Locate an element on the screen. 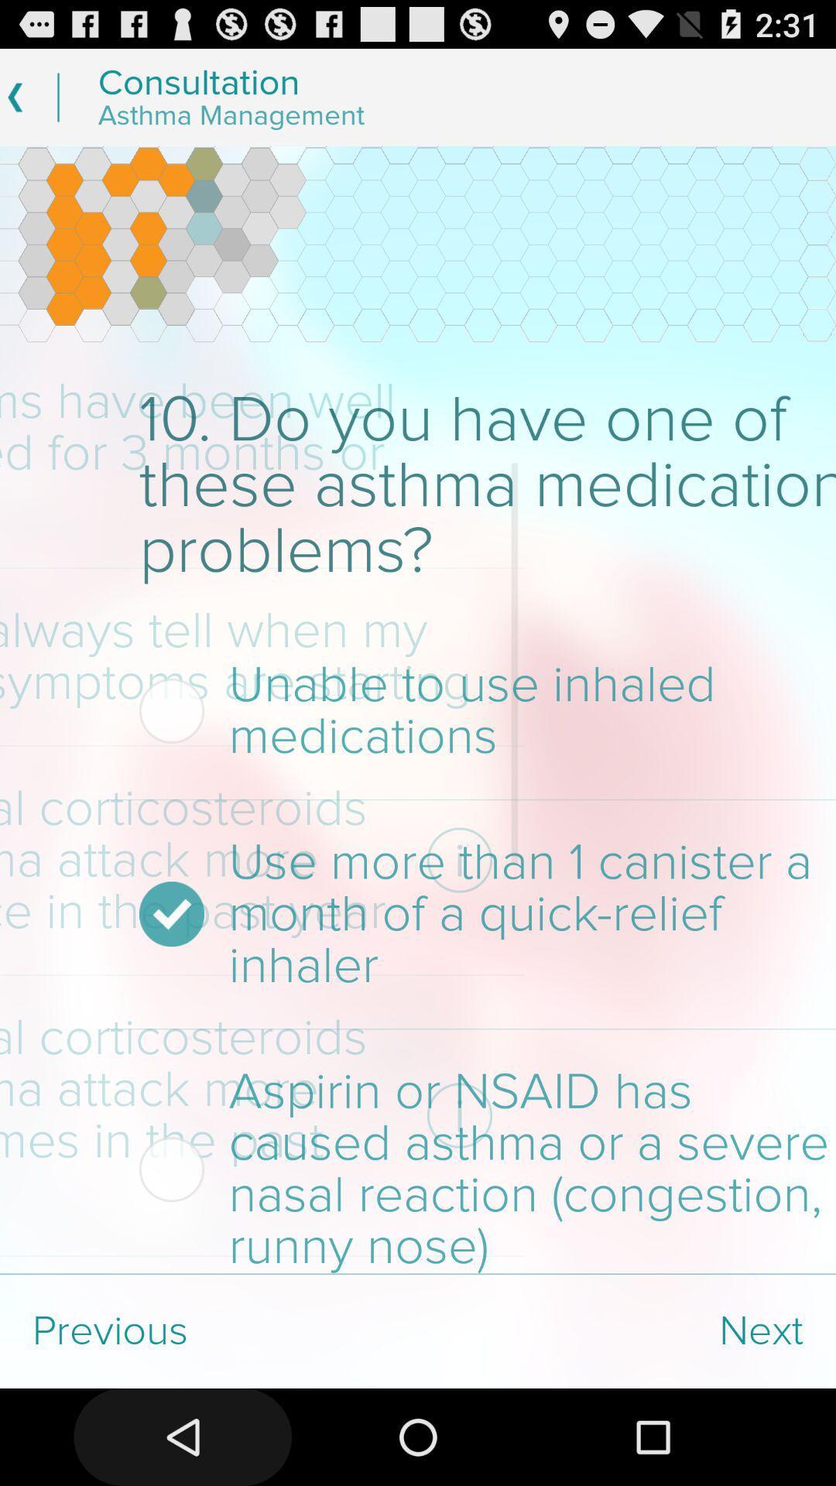 The width and height of the screenshot is (836, 1486). the item next to the next app is located at coordinates (209, 1330).